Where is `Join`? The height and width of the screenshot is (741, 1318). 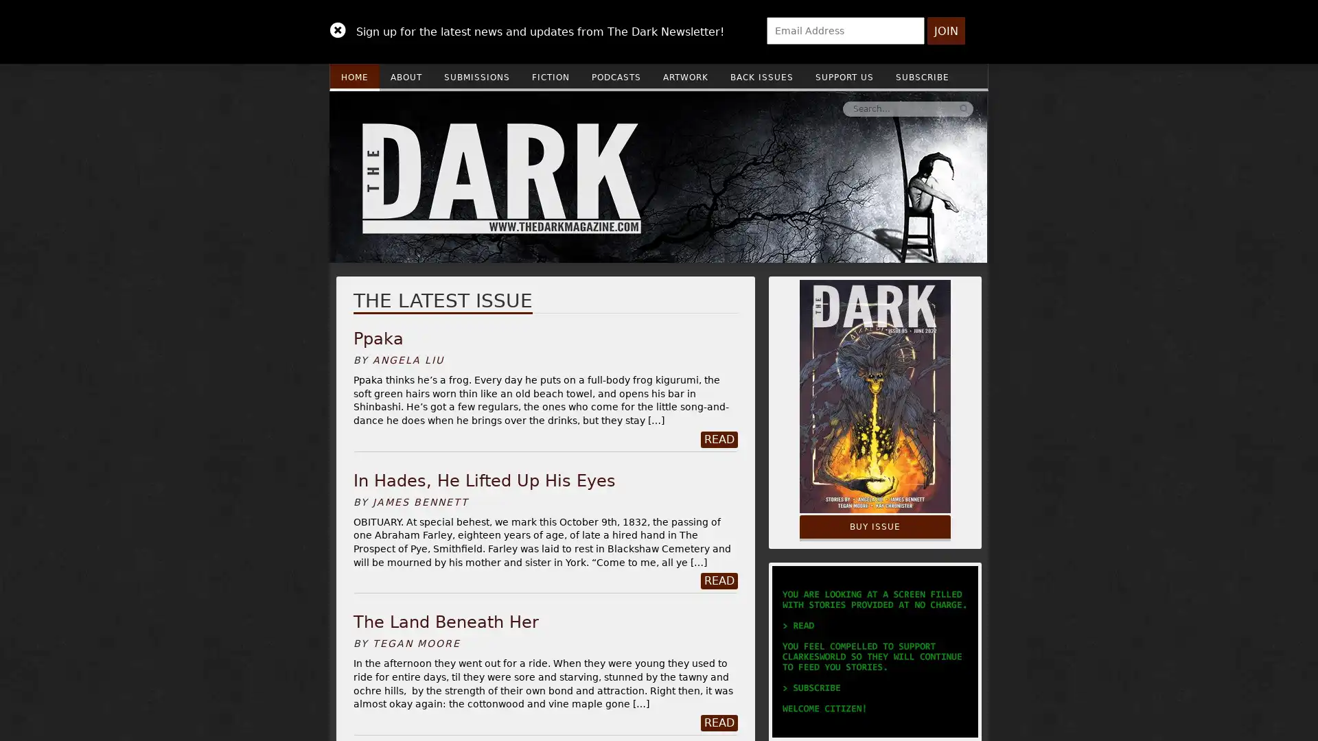 Join is located at coordinates (945, 31).